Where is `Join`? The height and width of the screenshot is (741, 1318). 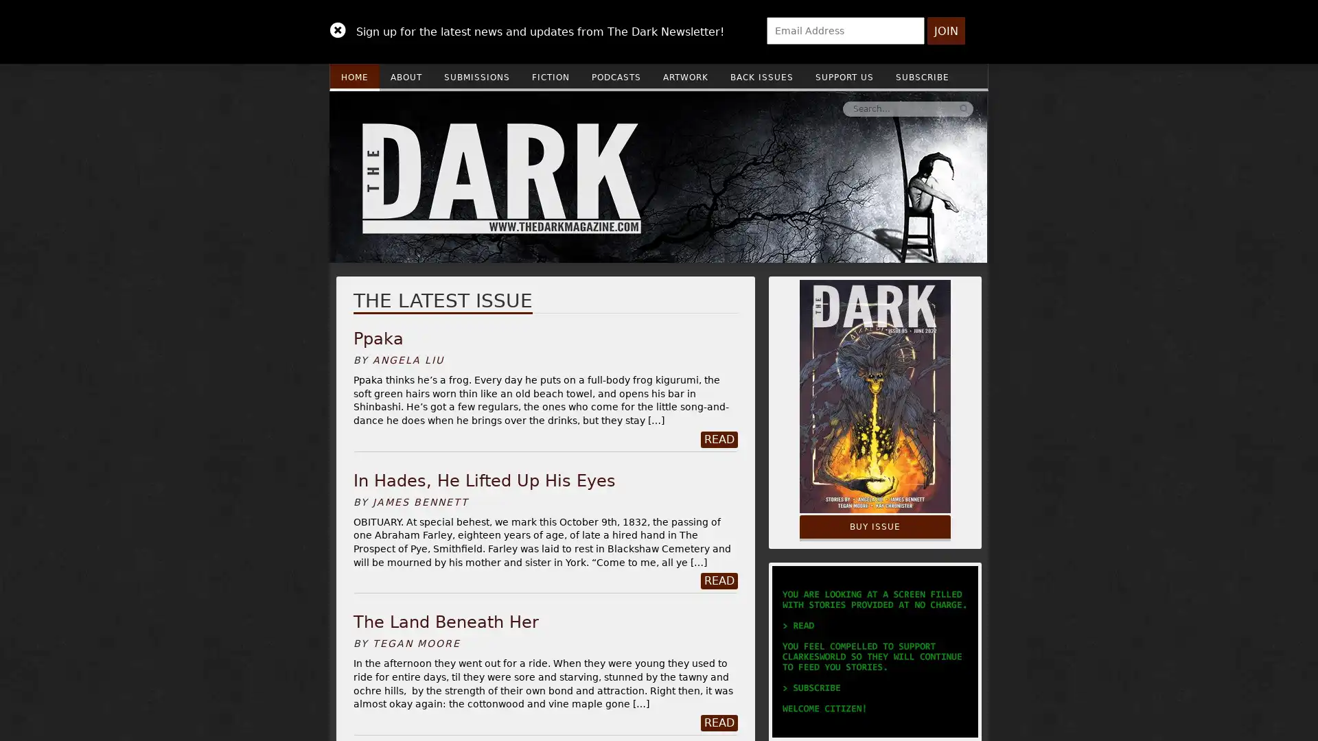 Join is located at coordinates (945, 31).